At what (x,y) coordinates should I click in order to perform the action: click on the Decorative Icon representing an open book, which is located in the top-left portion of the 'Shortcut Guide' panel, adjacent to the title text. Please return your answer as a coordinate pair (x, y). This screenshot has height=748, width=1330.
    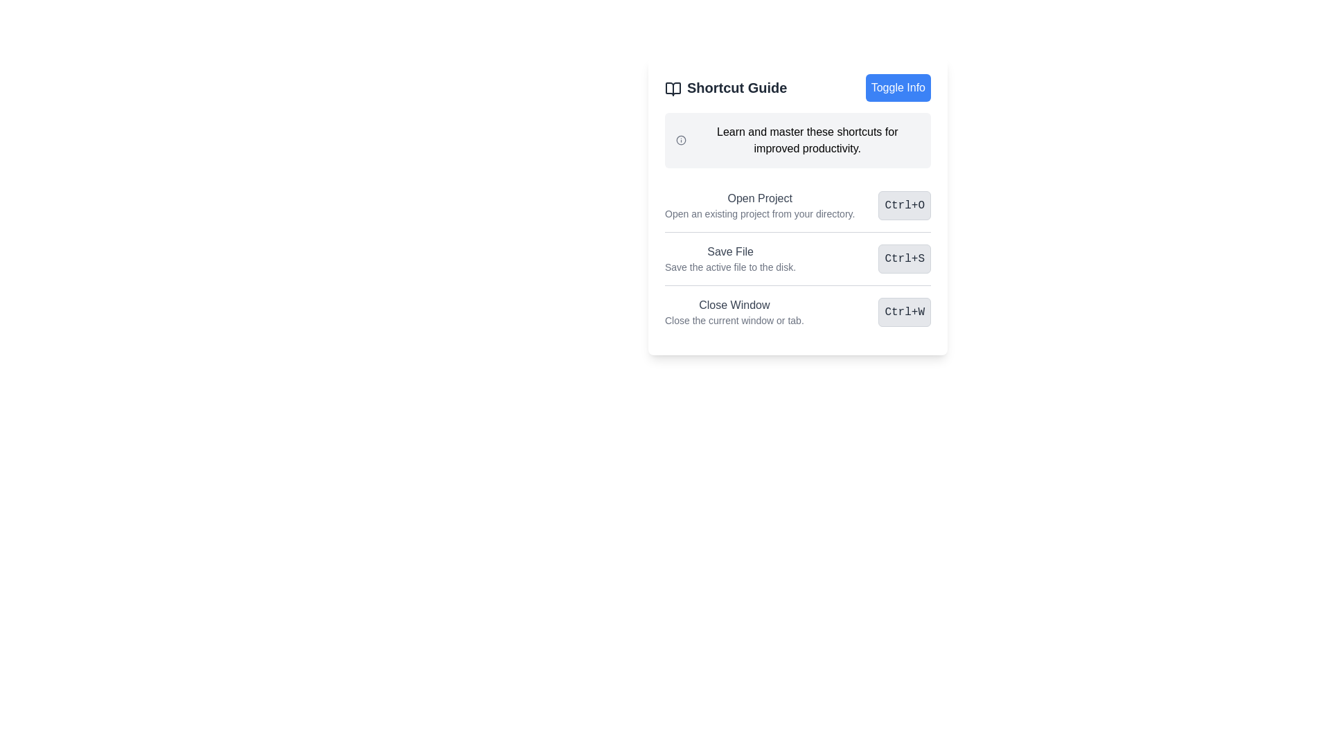
    Looking at the image, I should click on (673, 88).